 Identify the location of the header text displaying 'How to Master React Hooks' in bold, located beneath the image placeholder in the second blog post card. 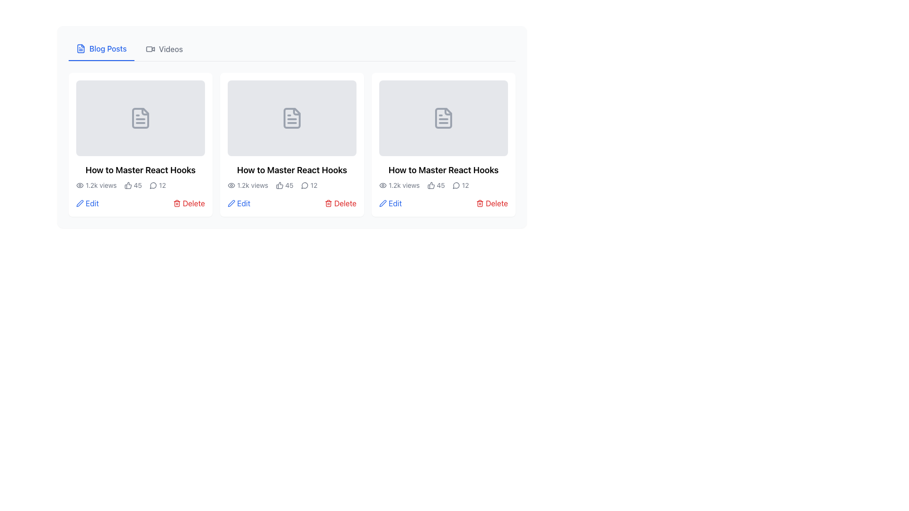
(292, 169).